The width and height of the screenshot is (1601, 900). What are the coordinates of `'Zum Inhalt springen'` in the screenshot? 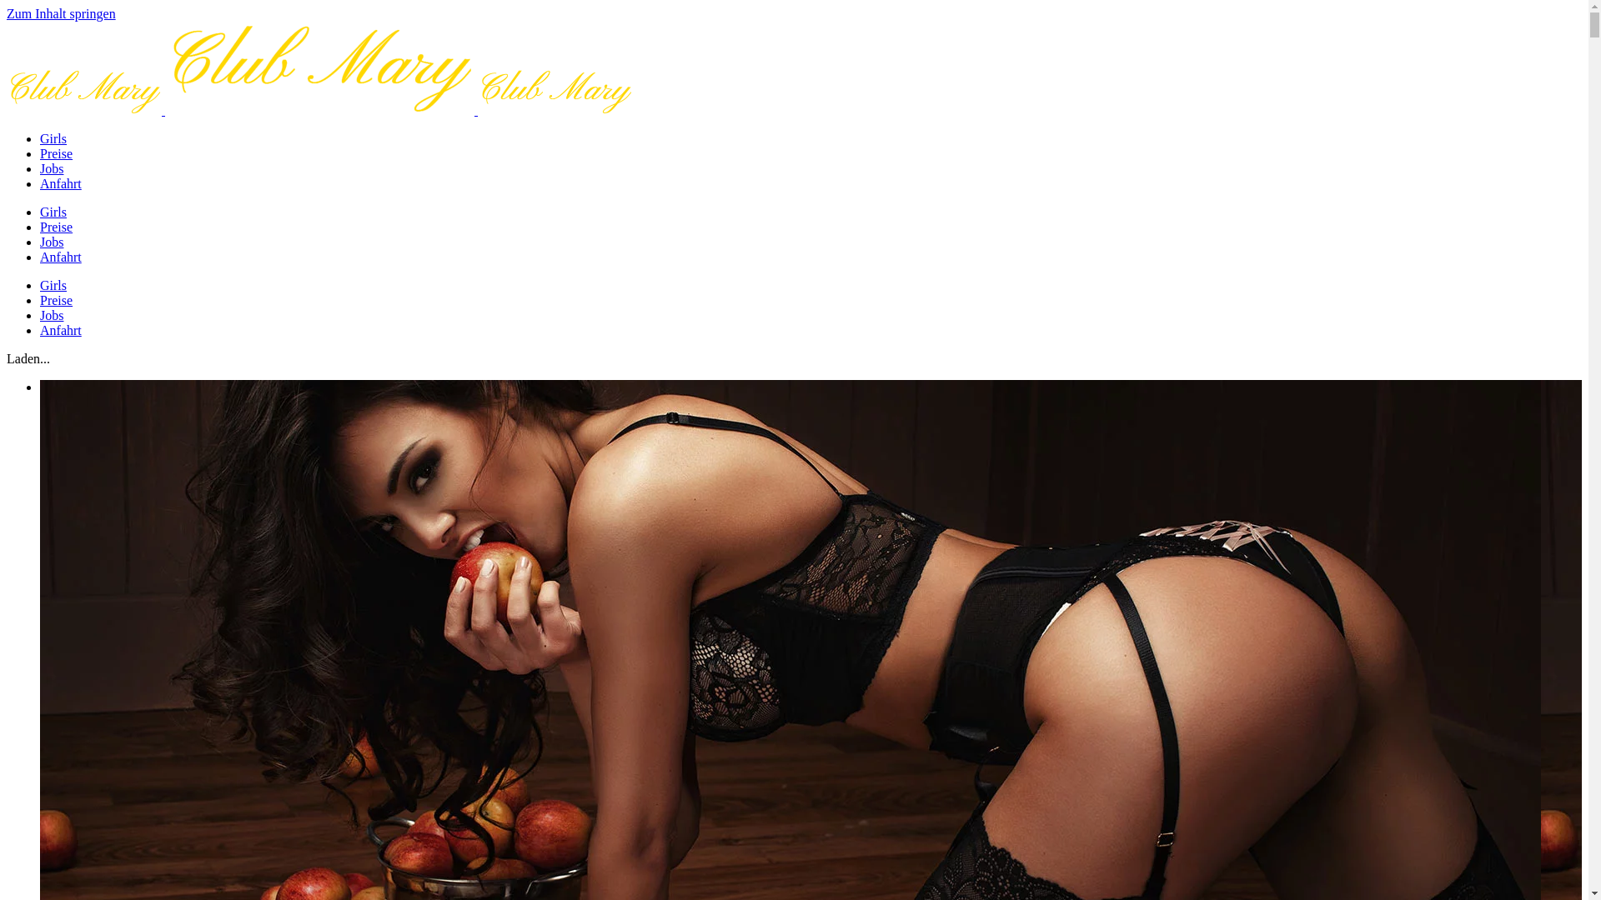 It's located at (7, 13).